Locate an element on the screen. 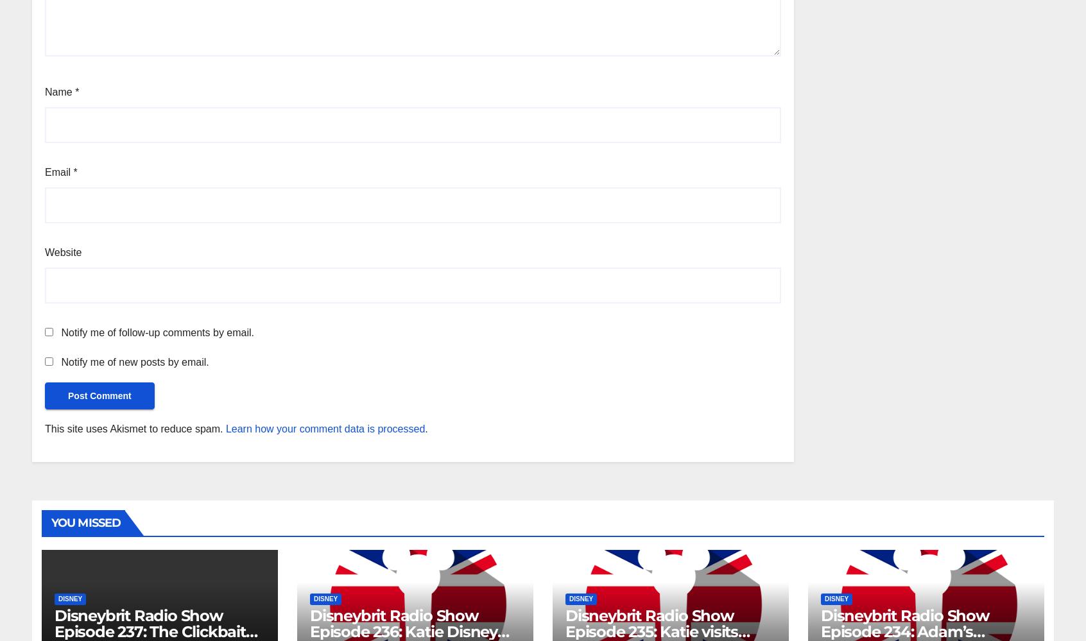 This screenshot has height=641, width=1086. 'Name' is located at coordinates (60, 91).